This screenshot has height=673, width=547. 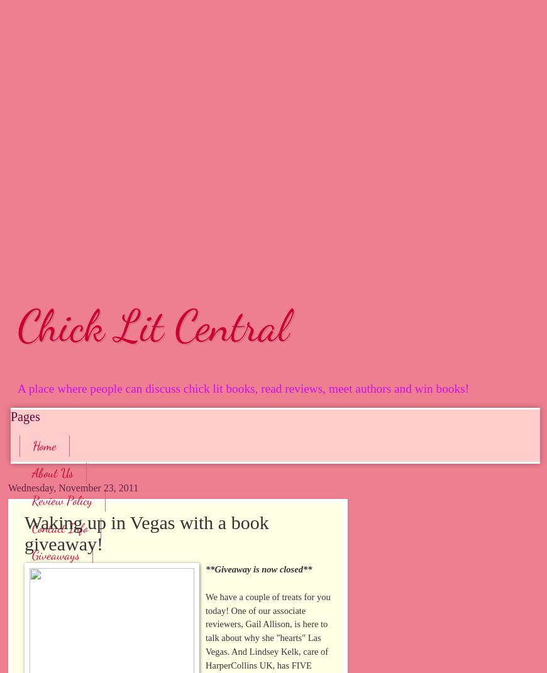 I want to click on 'Waking up in Vegas with a book giveaway!', so click(x=146, y=532).